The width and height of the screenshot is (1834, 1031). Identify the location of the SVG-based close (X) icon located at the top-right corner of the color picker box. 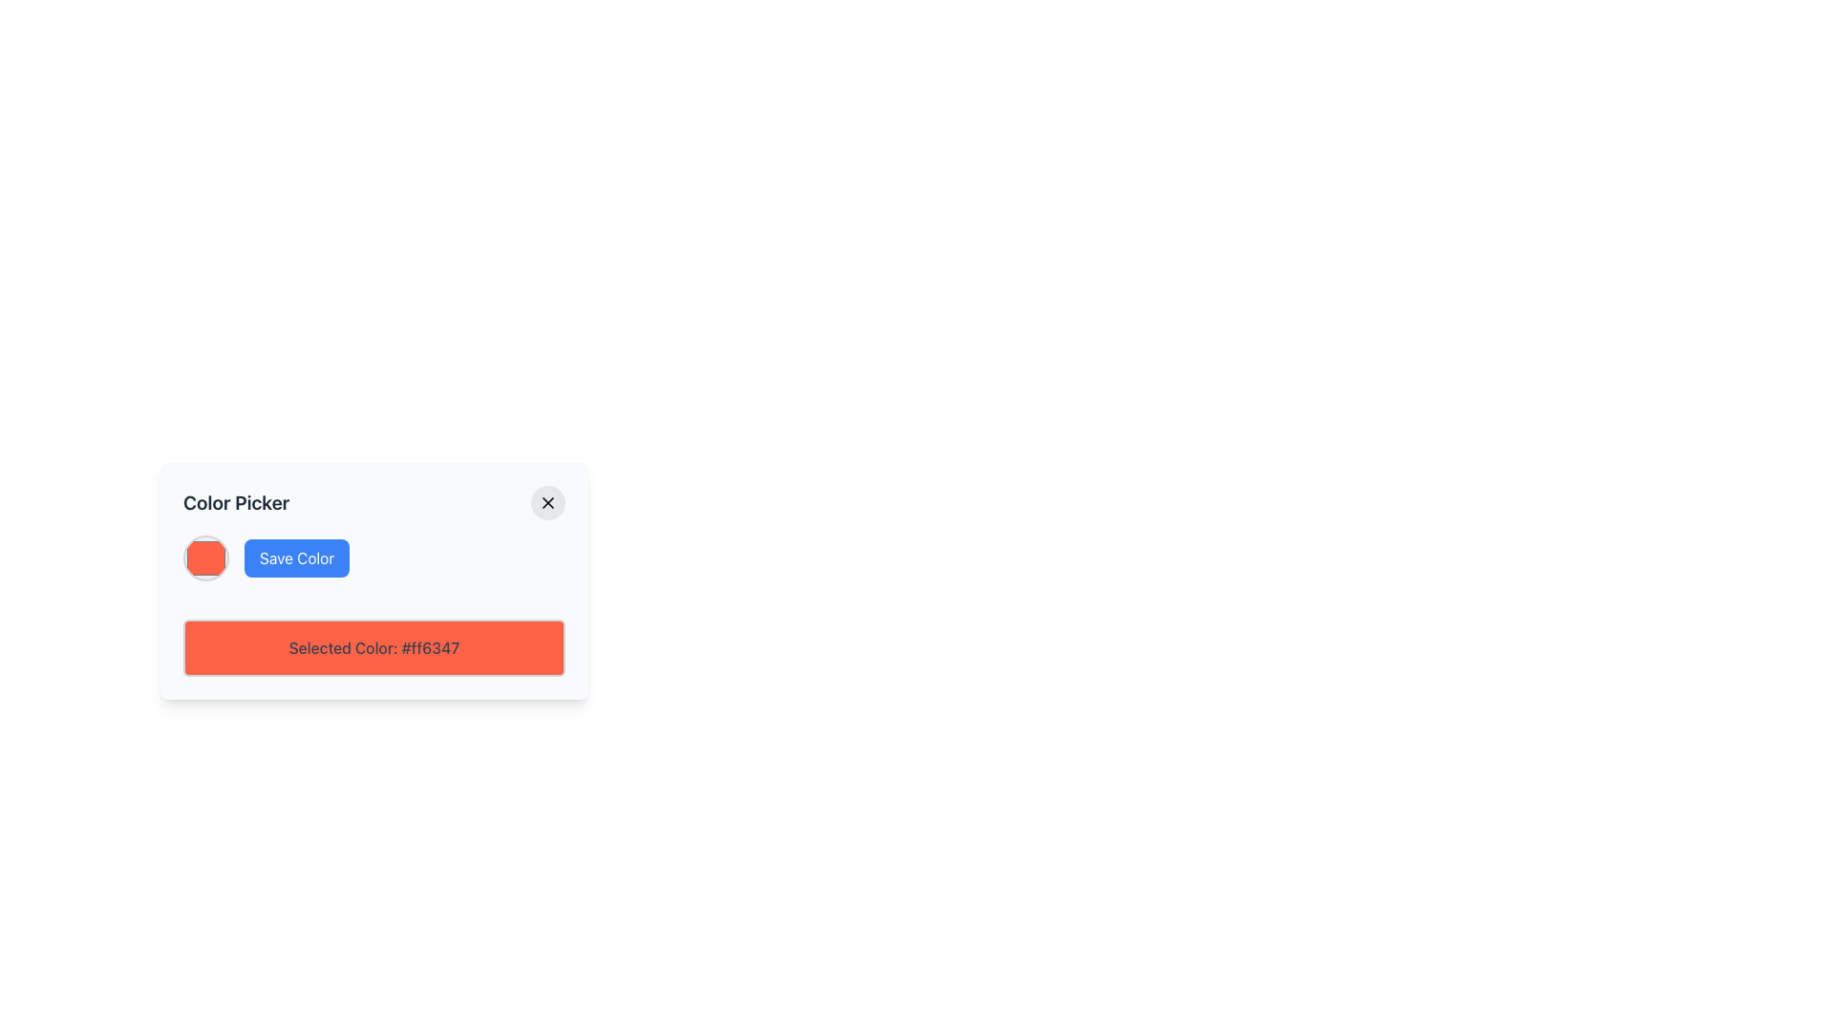
(547, 502).